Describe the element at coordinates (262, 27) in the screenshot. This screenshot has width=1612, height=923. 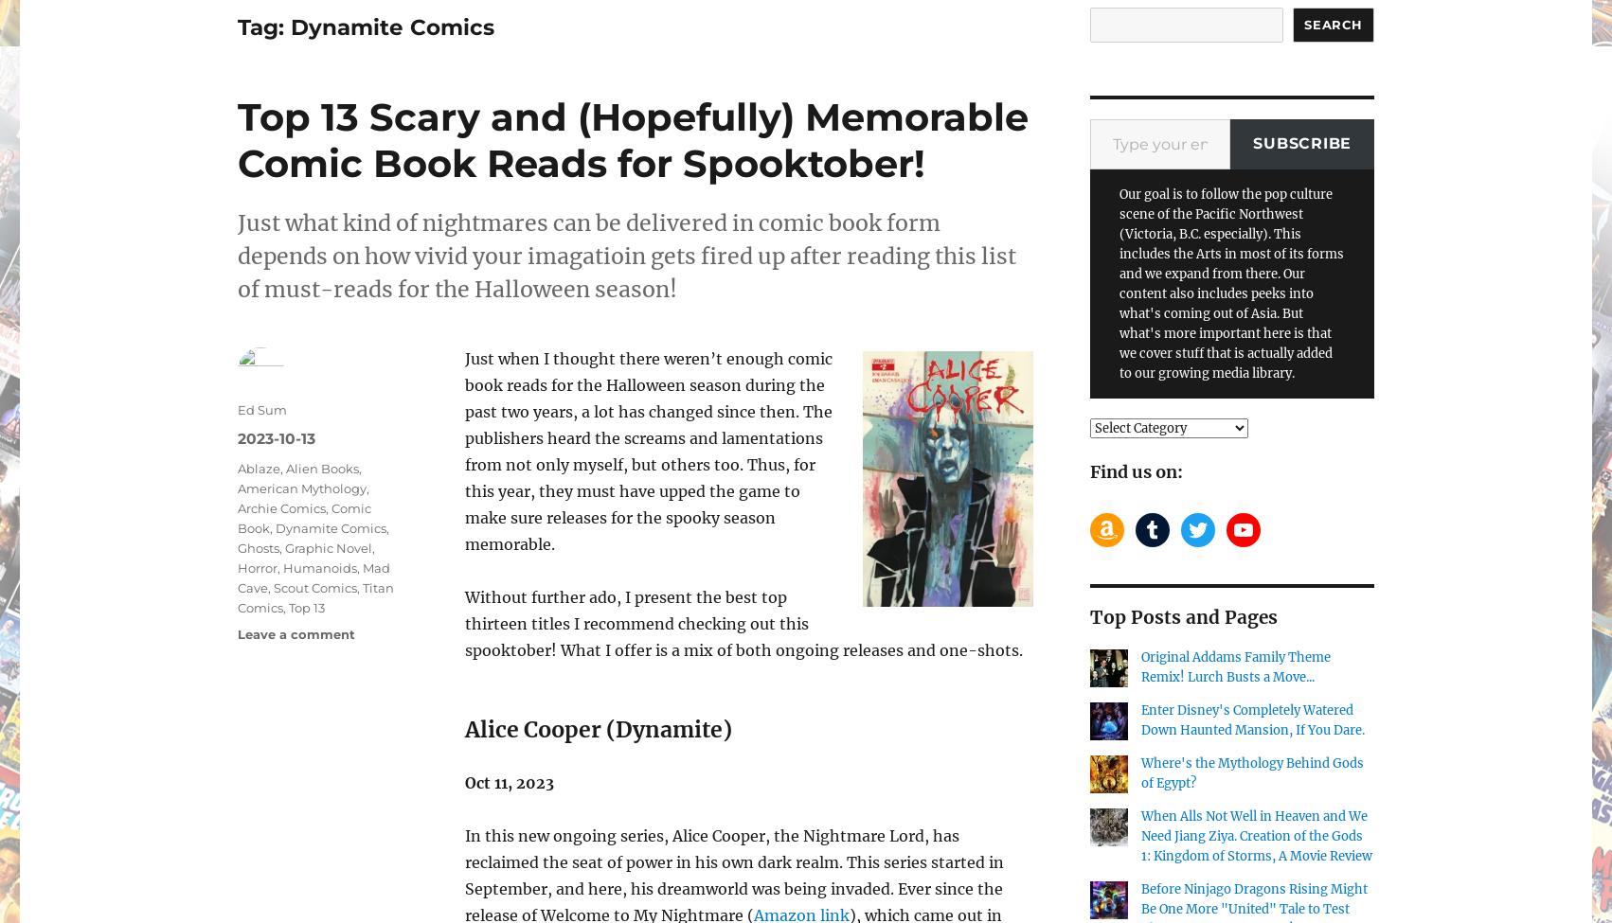
I see `'Tag:'` at that location.